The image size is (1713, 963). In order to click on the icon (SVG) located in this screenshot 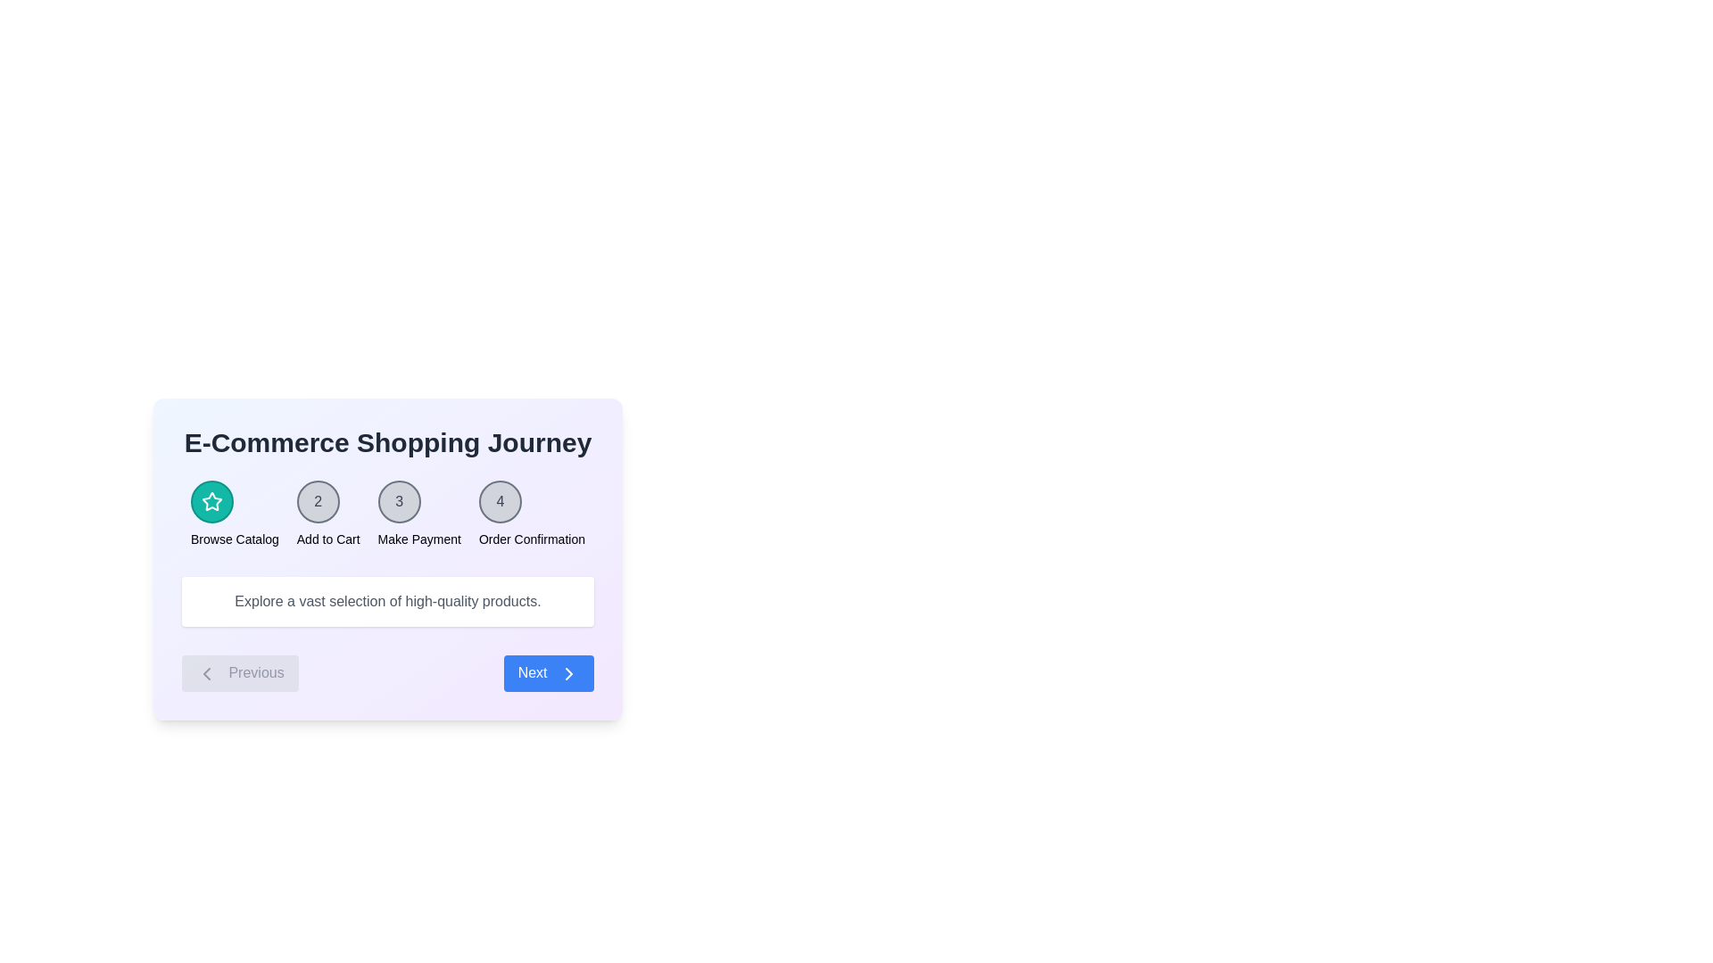, I will do `click(211, 501)`.